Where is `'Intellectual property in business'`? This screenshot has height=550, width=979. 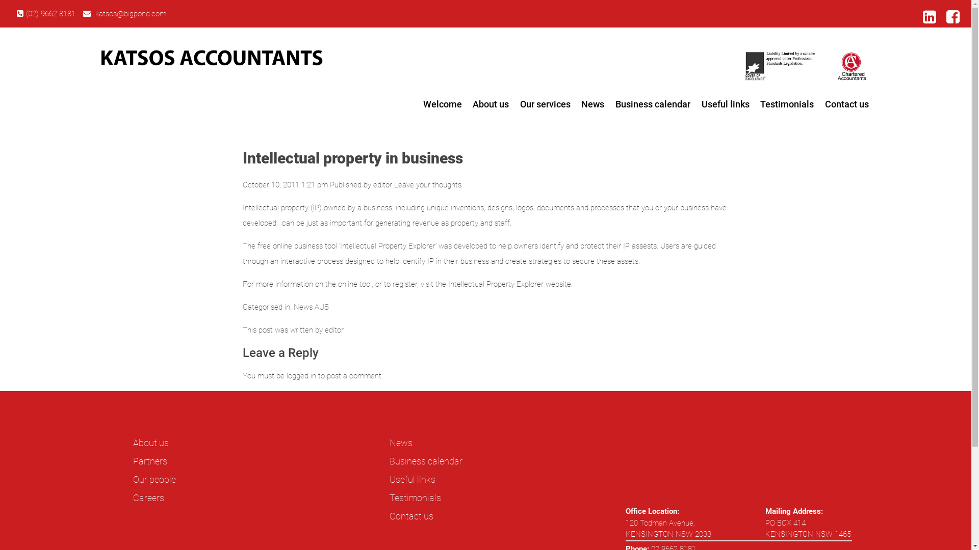 'Intellectual property in business' is located at coordinates (352, 158).